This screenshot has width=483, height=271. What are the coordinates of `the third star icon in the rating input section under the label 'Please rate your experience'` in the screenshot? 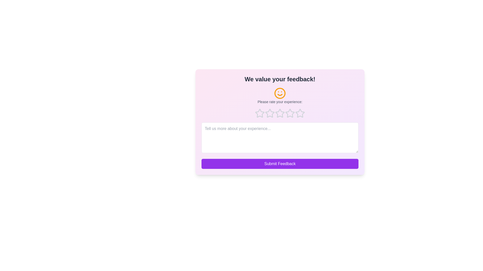 It's located at (280, 113).